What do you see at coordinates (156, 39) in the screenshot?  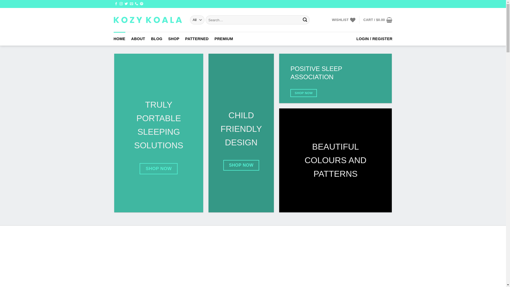 I see `'BLOG'` at bounding box center [156, 39].